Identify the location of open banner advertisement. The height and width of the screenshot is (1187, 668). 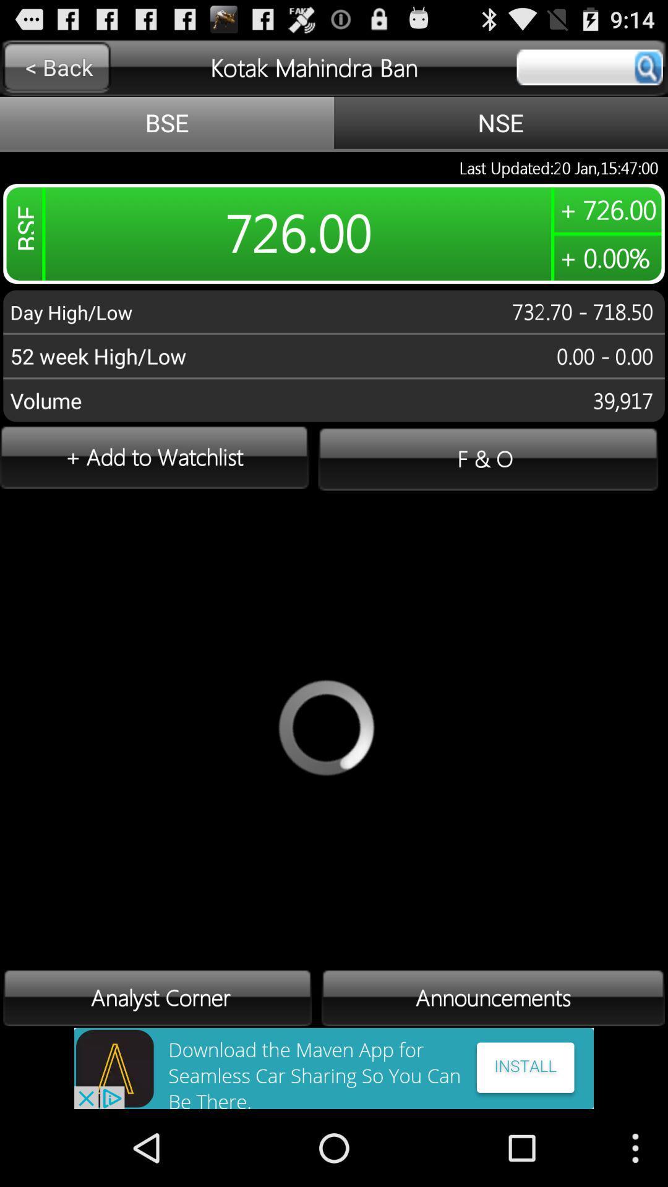
(334, 1068).